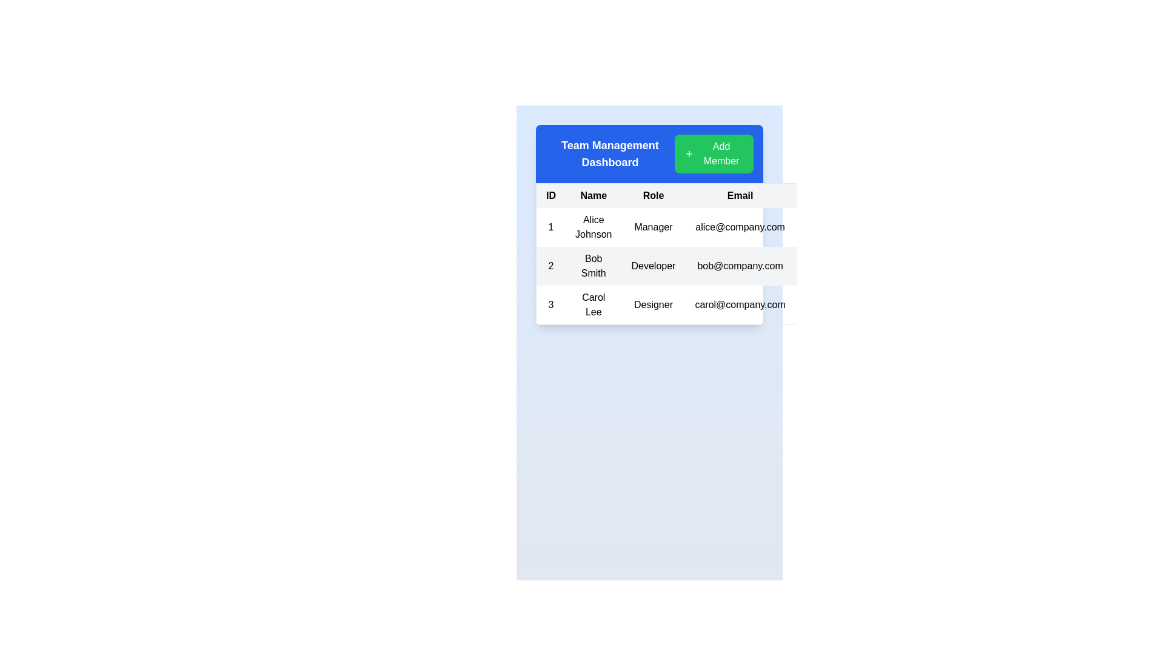 The image size is (1164, 655). I want to click on on the text element displaying the email 'alice@company.com' located in the fourth column of the table under the 'Email' heading, specifically in the row corresponding, so click(740, 227).